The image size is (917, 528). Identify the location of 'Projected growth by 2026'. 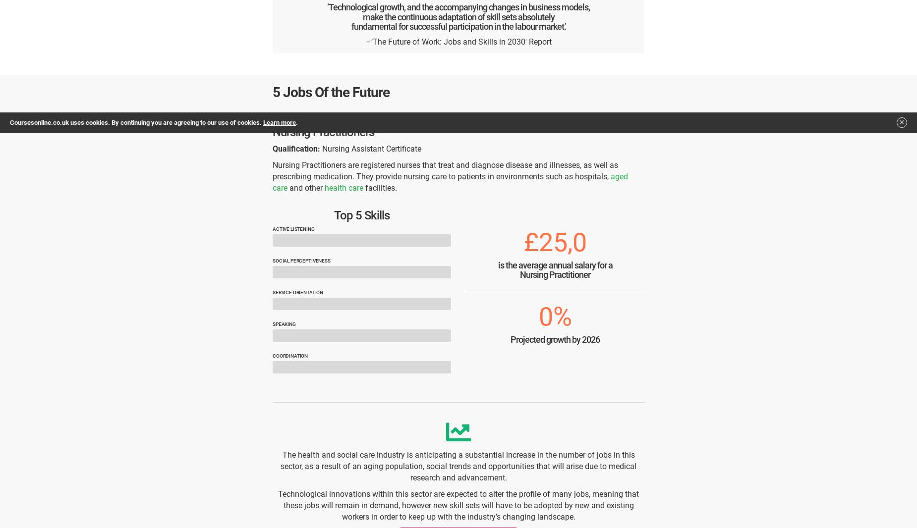
(554, 339).